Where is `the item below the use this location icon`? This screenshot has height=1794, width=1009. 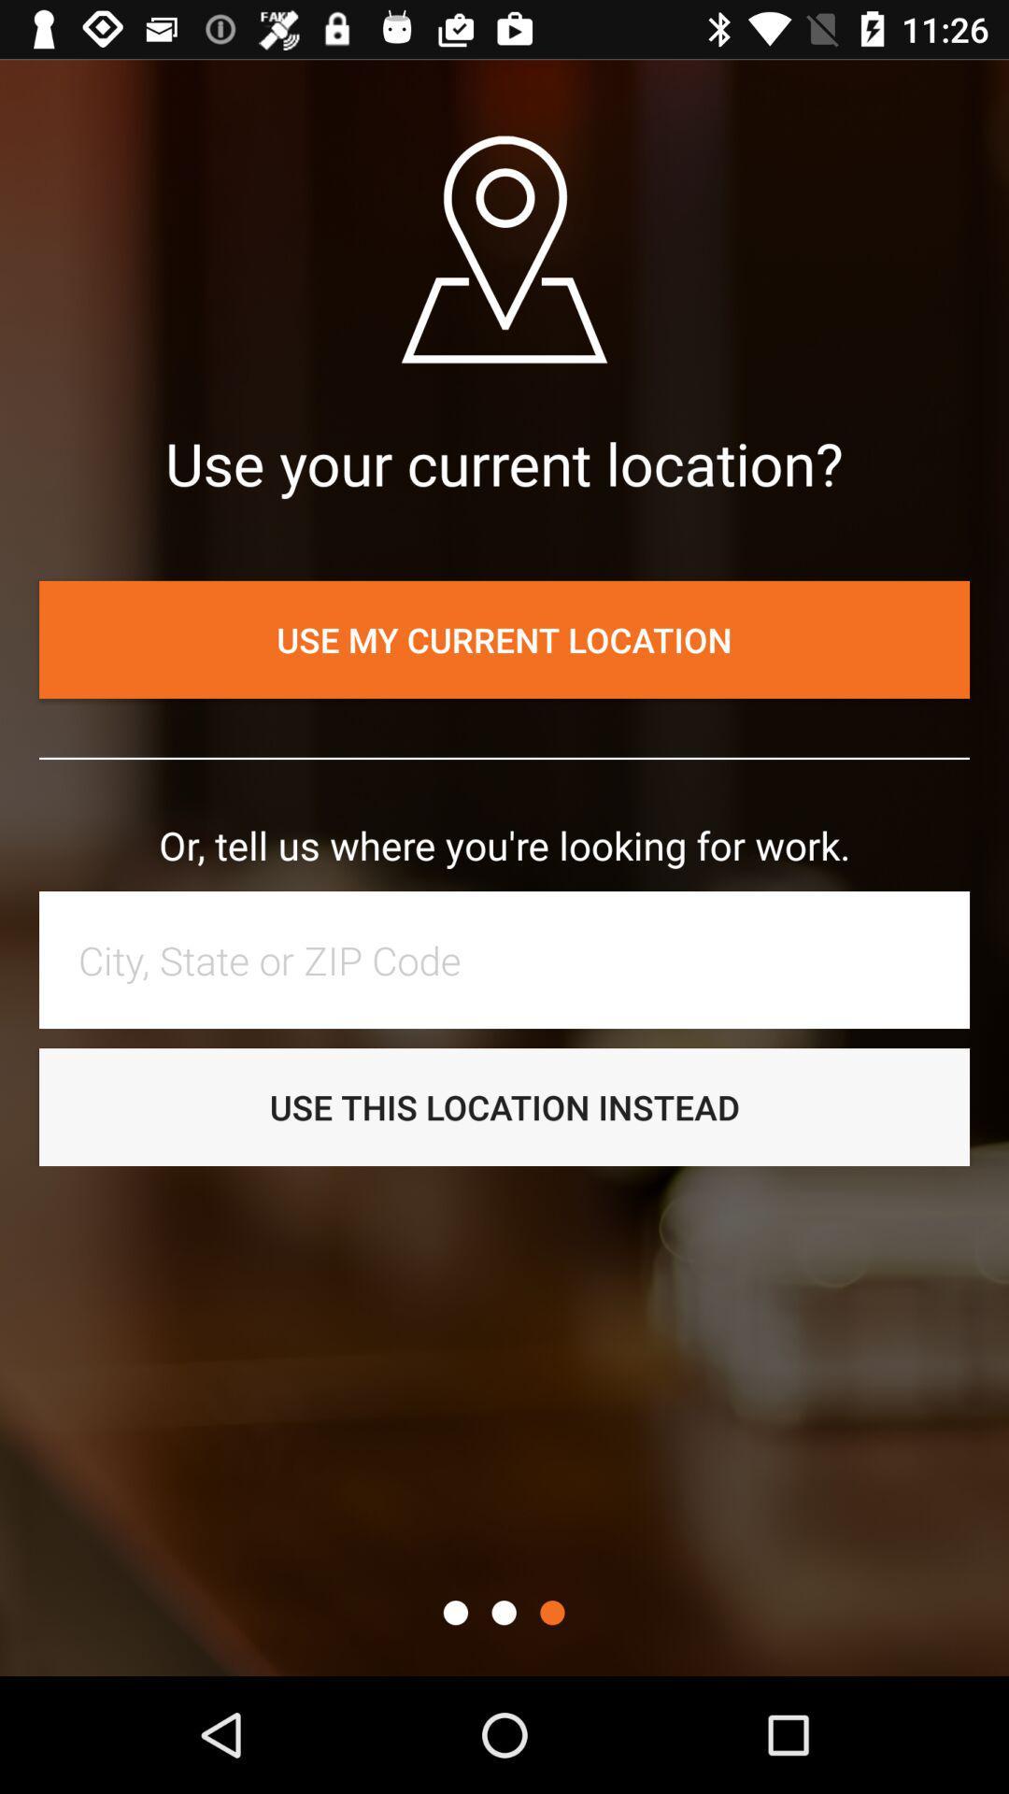
the item below the use this location icon is located at coordinates (455, 1612).